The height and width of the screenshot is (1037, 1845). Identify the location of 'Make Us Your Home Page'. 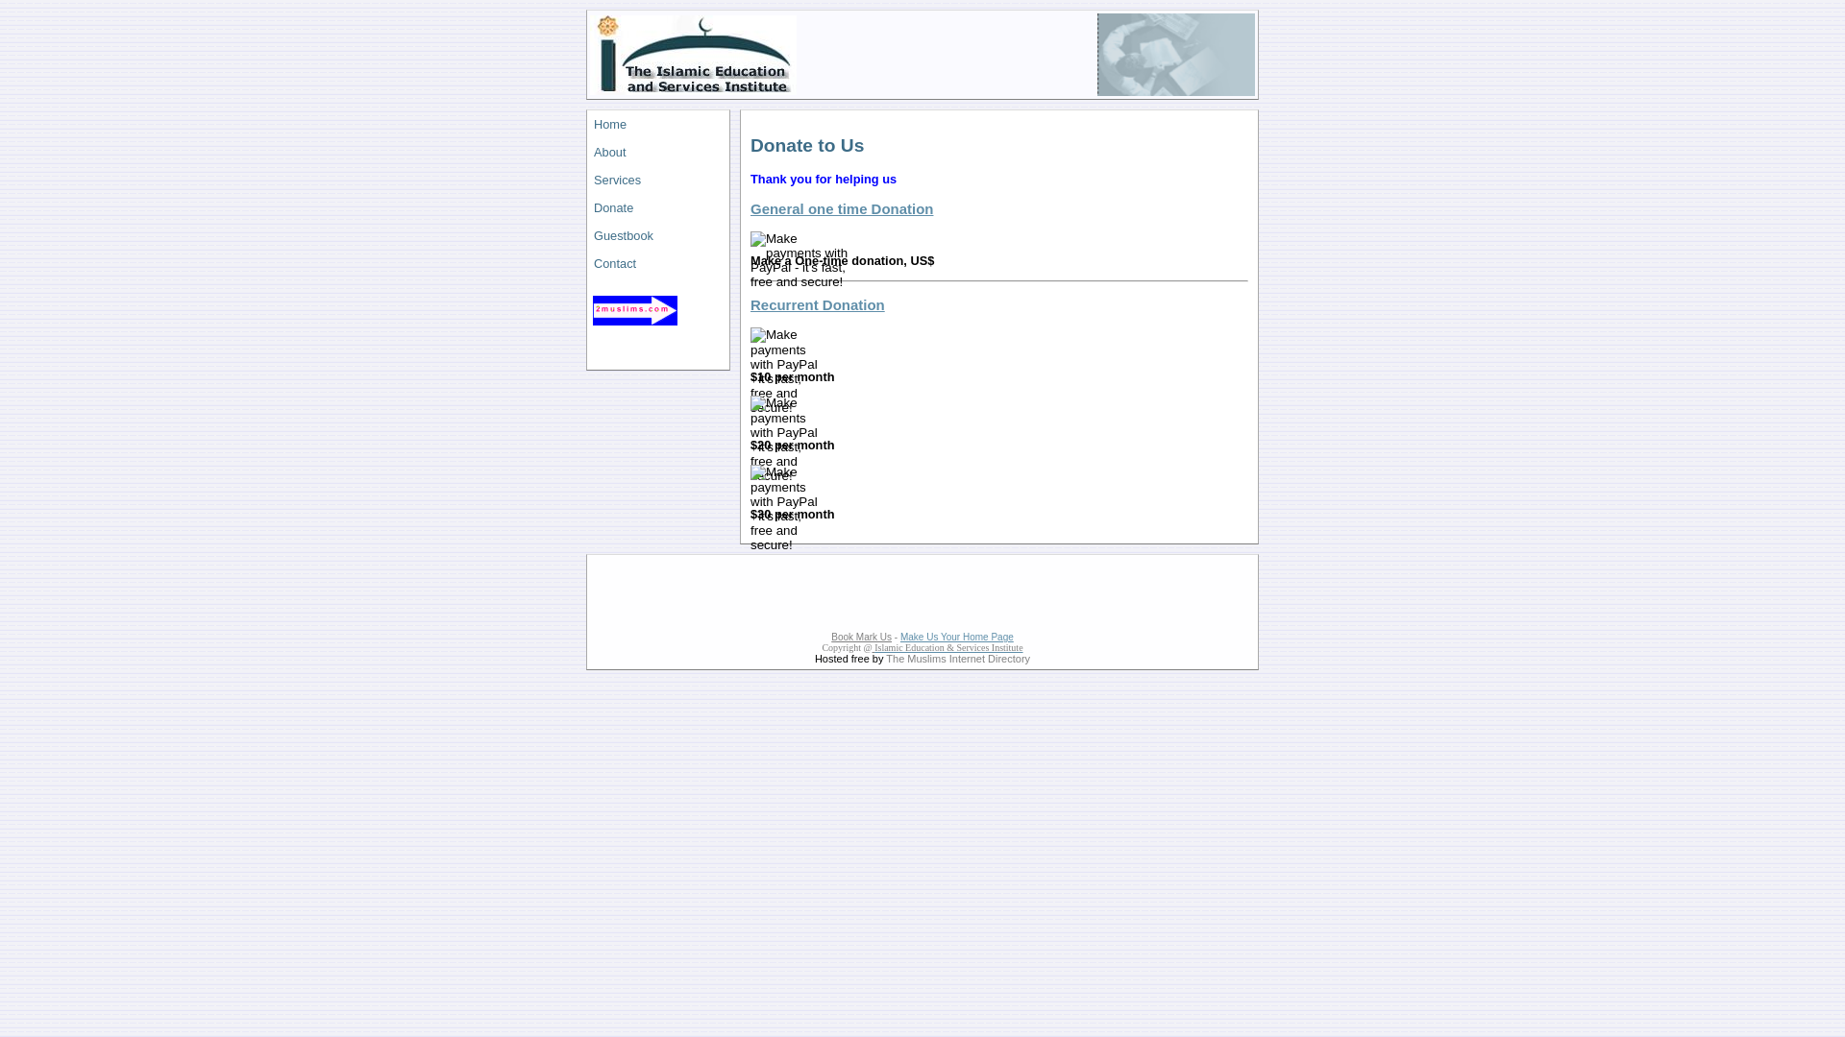
(898, 637).